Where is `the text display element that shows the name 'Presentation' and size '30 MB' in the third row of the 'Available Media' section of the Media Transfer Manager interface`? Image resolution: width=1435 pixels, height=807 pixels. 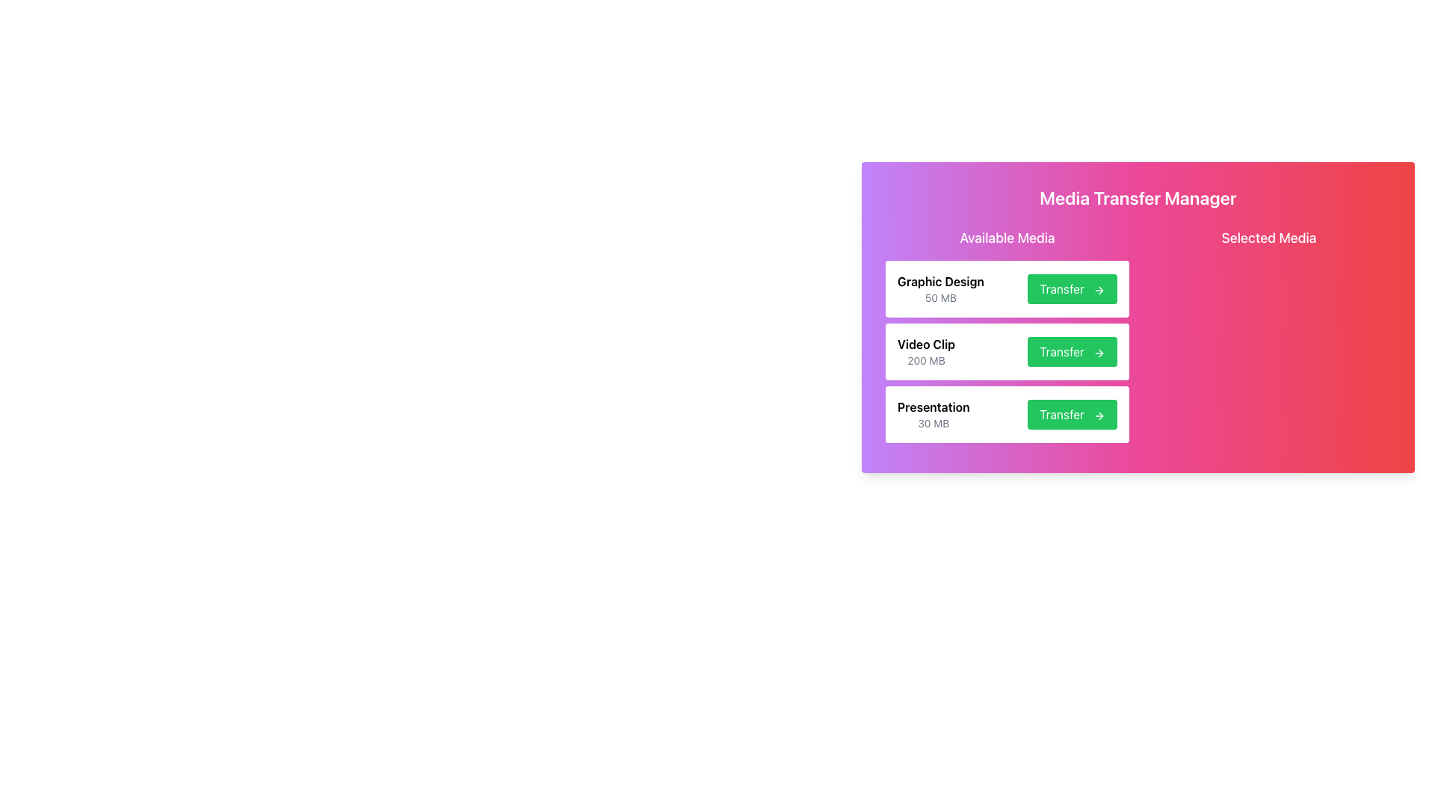
the text display element that shows the name 'Presentation' and size '30 MB' in the third row of the 'Available Media' section of the Media Transfer Manager interface is located at coordinates (933, 415).